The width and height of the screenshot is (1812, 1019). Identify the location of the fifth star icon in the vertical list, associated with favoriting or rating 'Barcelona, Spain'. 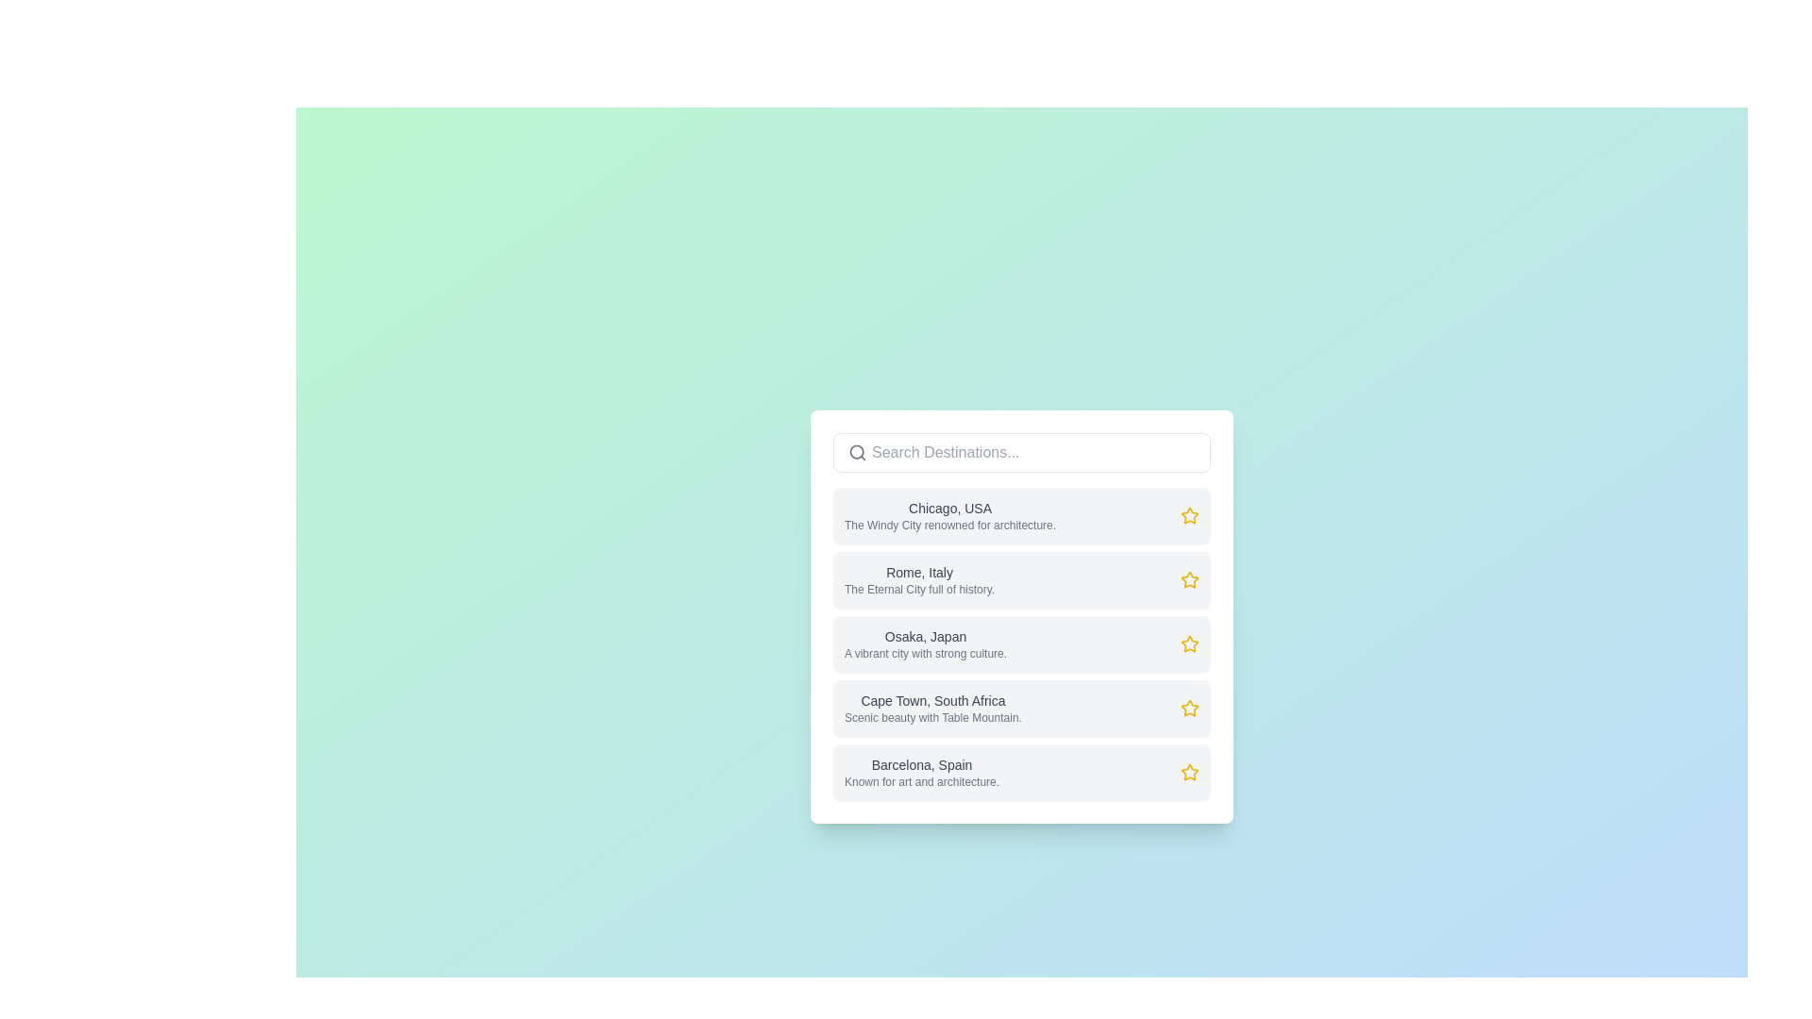
(1187, 771).